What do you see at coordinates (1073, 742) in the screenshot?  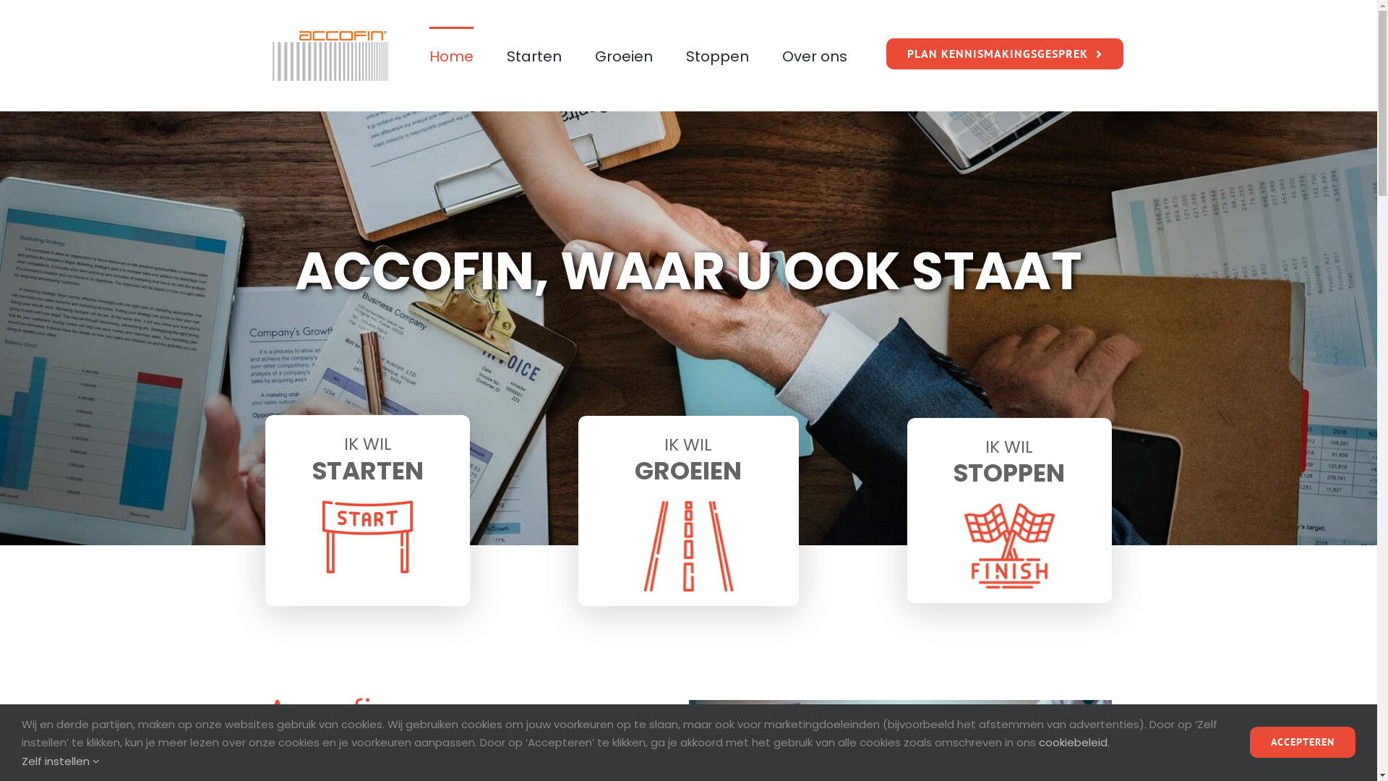 I see `'cookiebeleid'` at bounding box center [1073, 742].